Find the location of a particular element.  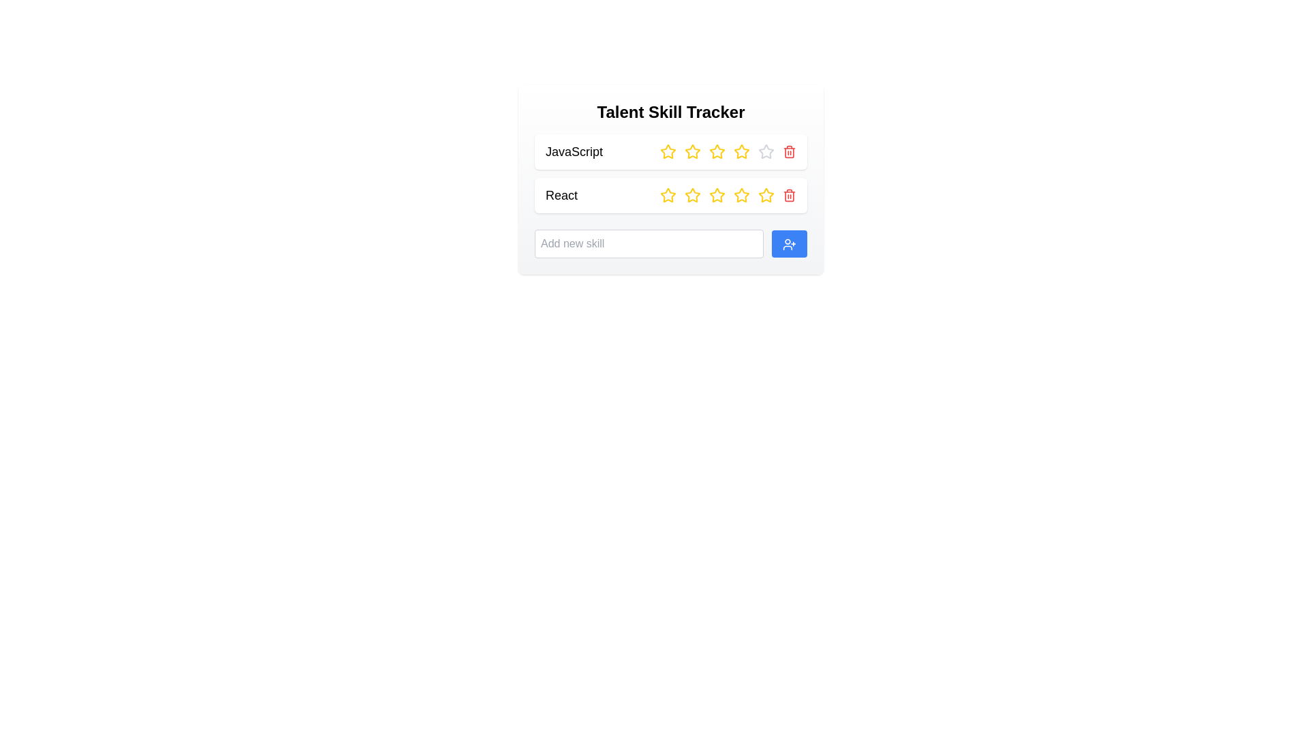

the Skill rating widget for the 'React' skill, located in the middle section of the skill tracker panel below the 'JavaScript' skill entry in the Talent Skill Tracker list to view more details is located at coordinates (670, 179).